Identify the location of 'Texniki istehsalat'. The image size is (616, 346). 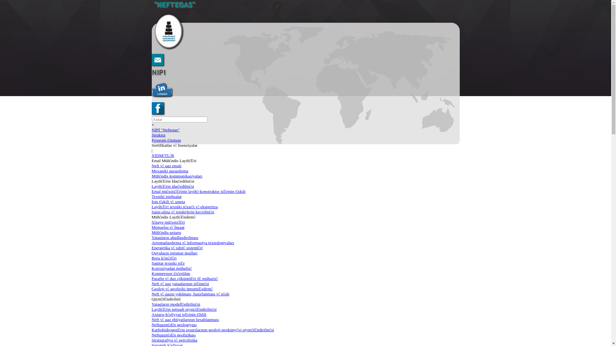
(166, 196).